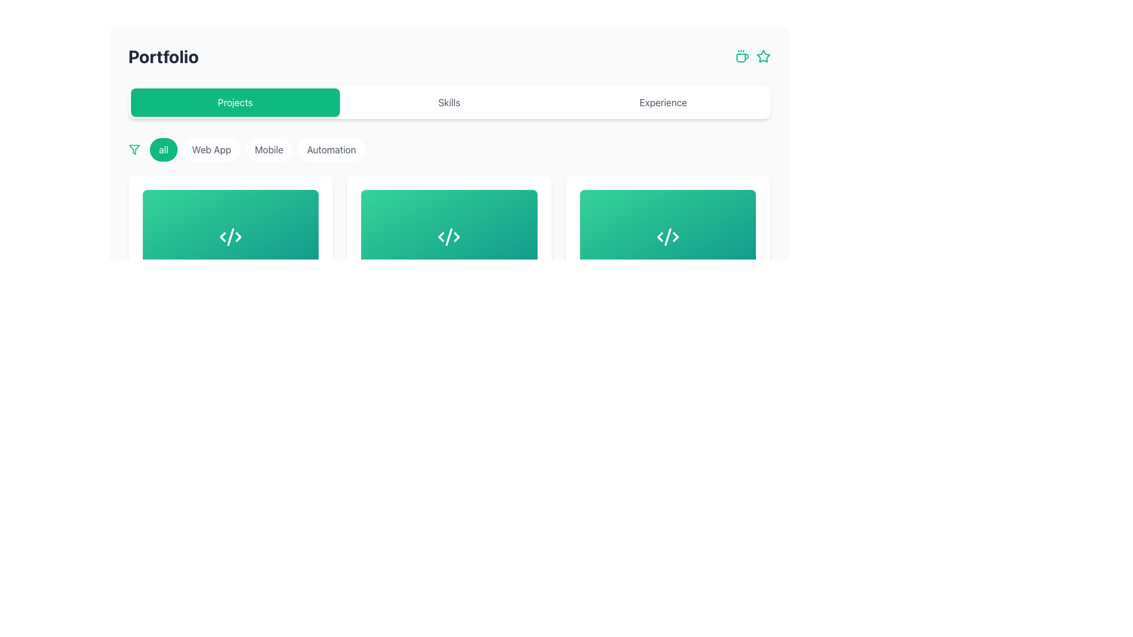  I want to click on the leftward arrow icon located in the middle of a three-icon arrangement, so click(659, 237).